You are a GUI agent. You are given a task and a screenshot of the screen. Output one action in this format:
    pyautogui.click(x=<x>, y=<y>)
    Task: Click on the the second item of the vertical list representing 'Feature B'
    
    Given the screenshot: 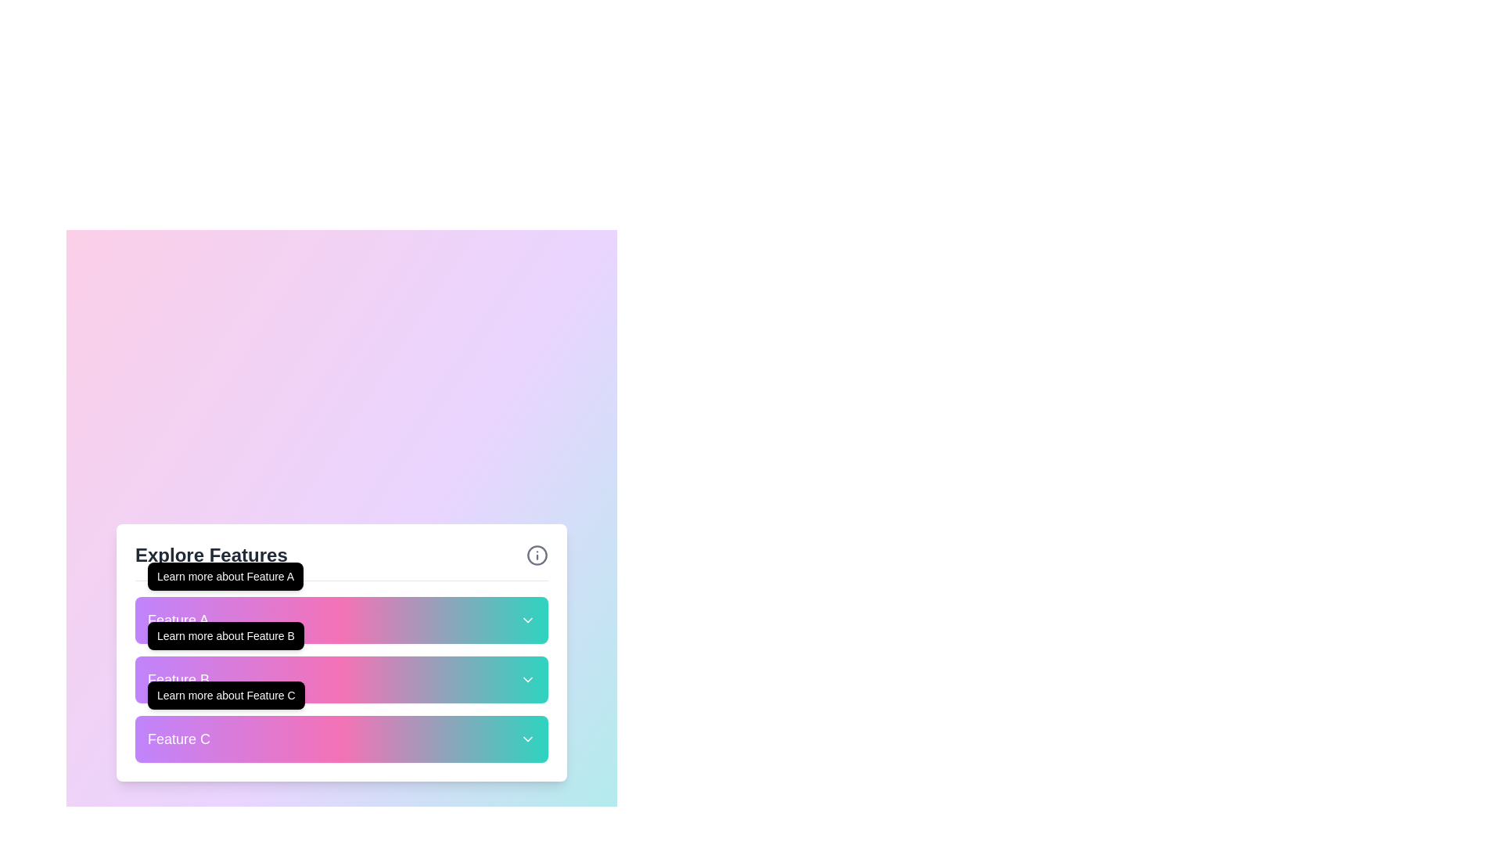 What is the action you would take?
    pyautogui.click(x=340, y=678)
    